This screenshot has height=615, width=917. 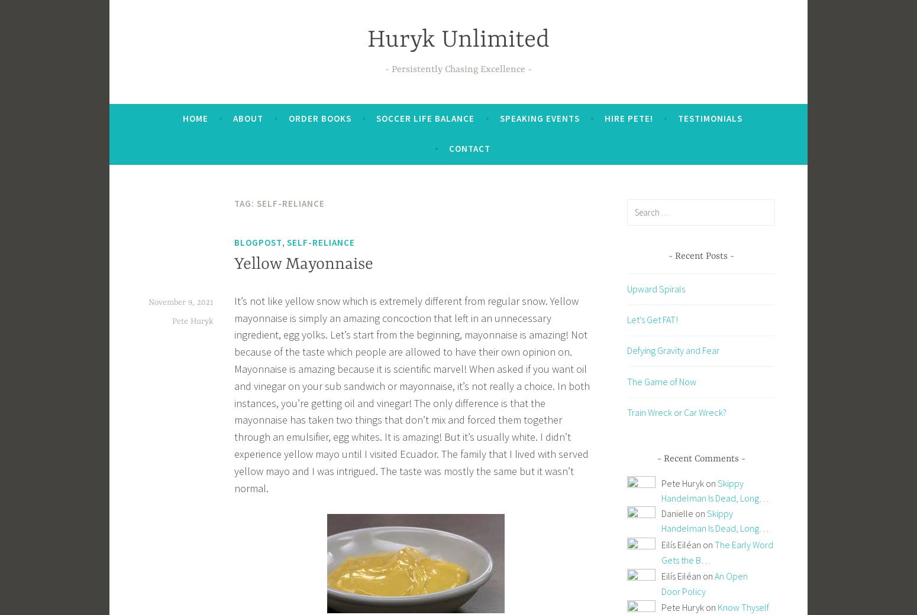 I want to click on 'Danielle on', so click(x=683, y=512).